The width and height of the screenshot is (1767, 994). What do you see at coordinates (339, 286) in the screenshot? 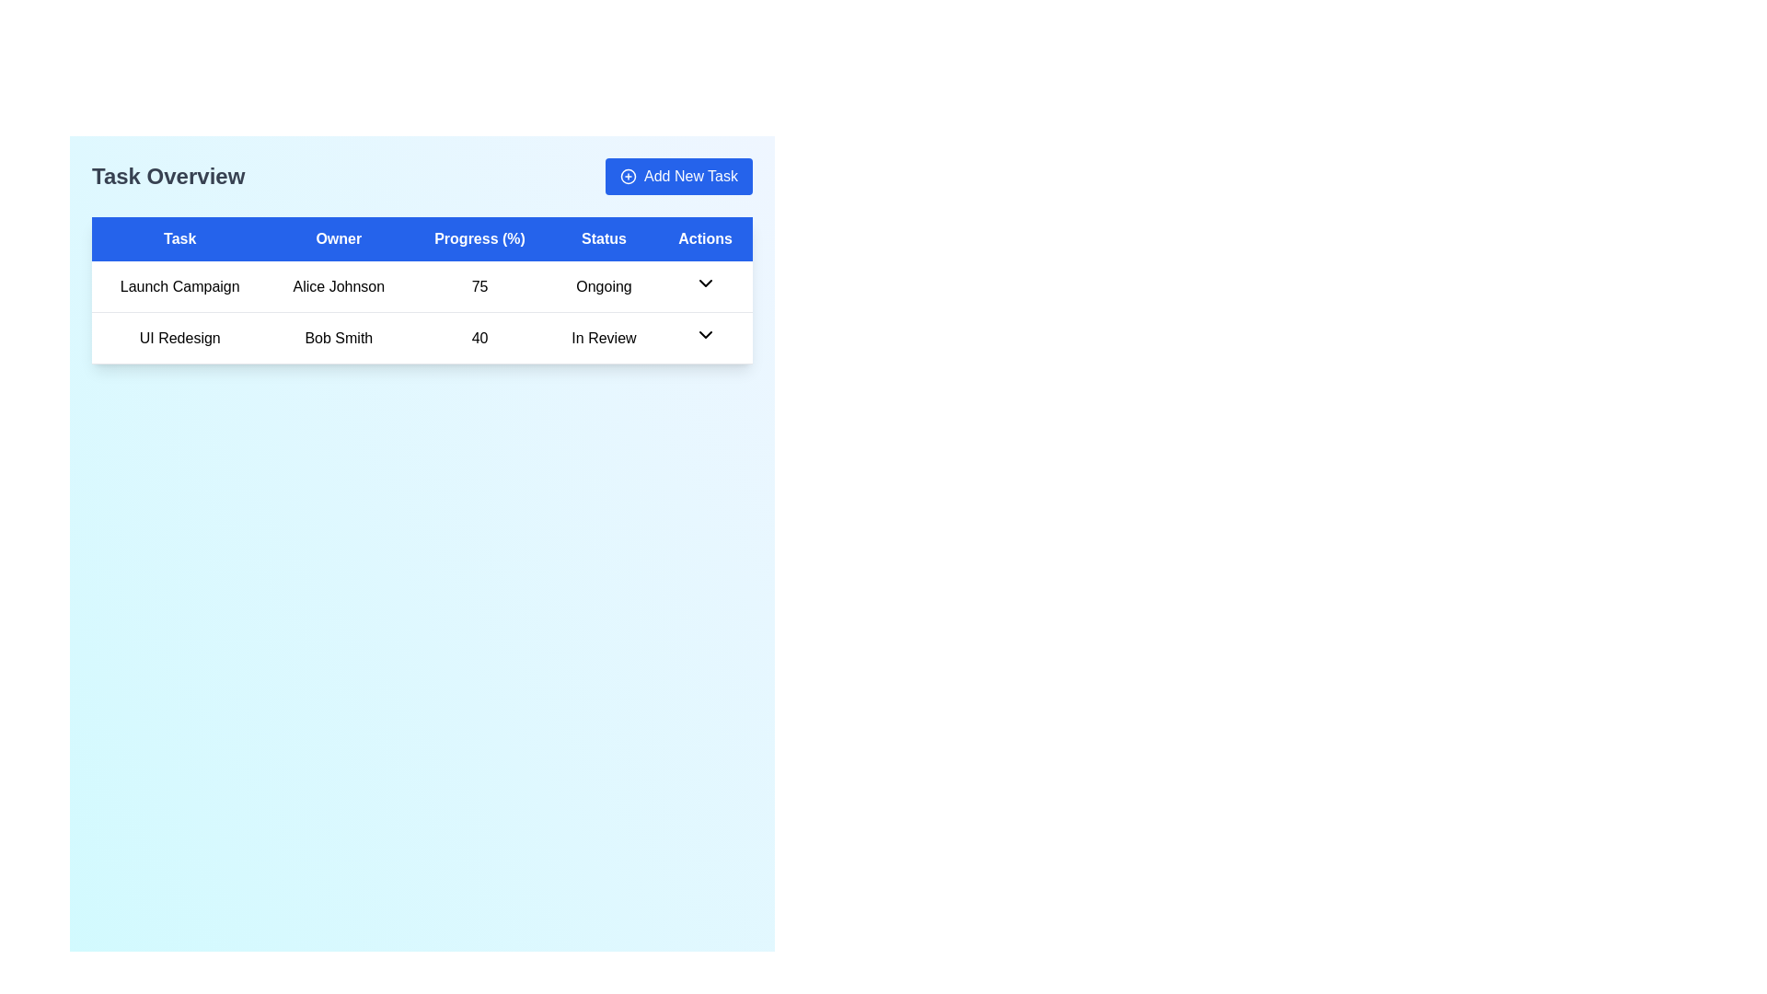
I see `displayed text 'Alice Johnson' located in the 'Owner' column of the table row for the task 'Launch Campaign'` at bounding box center [339, 286].